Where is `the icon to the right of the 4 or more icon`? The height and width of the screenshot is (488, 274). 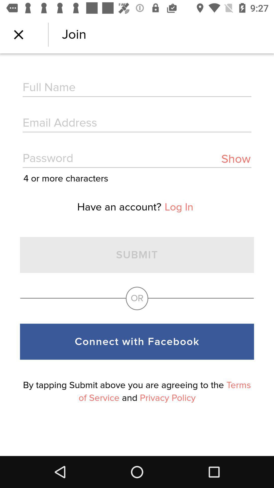
the icon to the right of the 4 or more icon is located at coordinates (236, 159).